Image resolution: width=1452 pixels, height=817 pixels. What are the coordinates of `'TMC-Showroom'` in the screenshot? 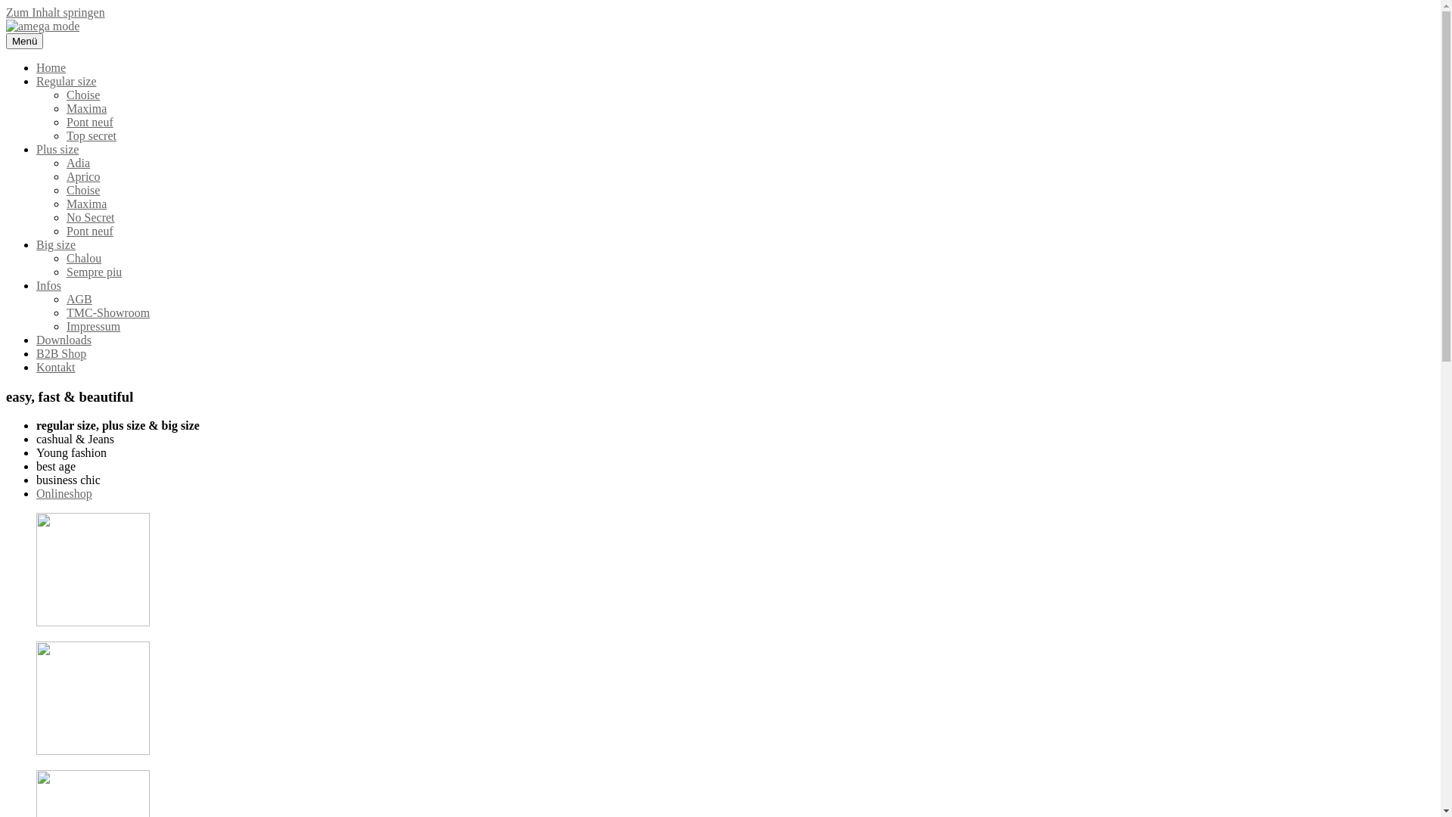 It's located at (107, 312).